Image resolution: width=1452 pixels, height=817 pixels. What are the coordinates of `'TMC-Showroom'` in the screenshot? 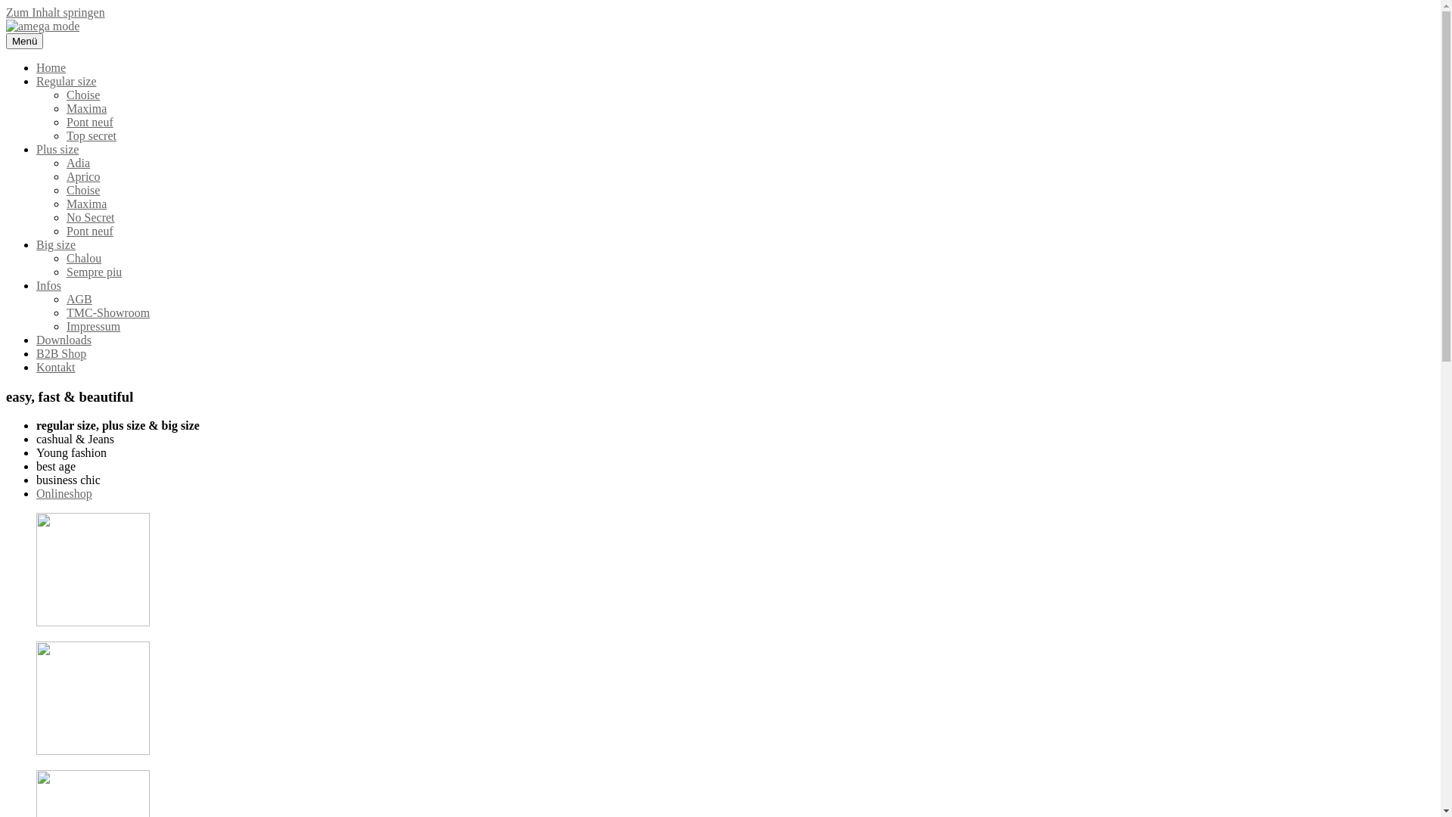 It's located at (107, 312).